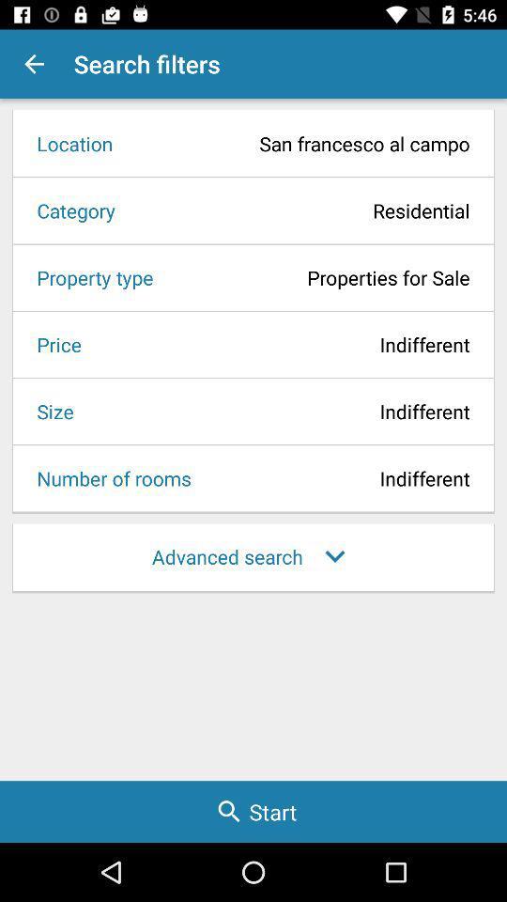  I want to click on the icon to the left of properties for sale icon, so click(87, 276).